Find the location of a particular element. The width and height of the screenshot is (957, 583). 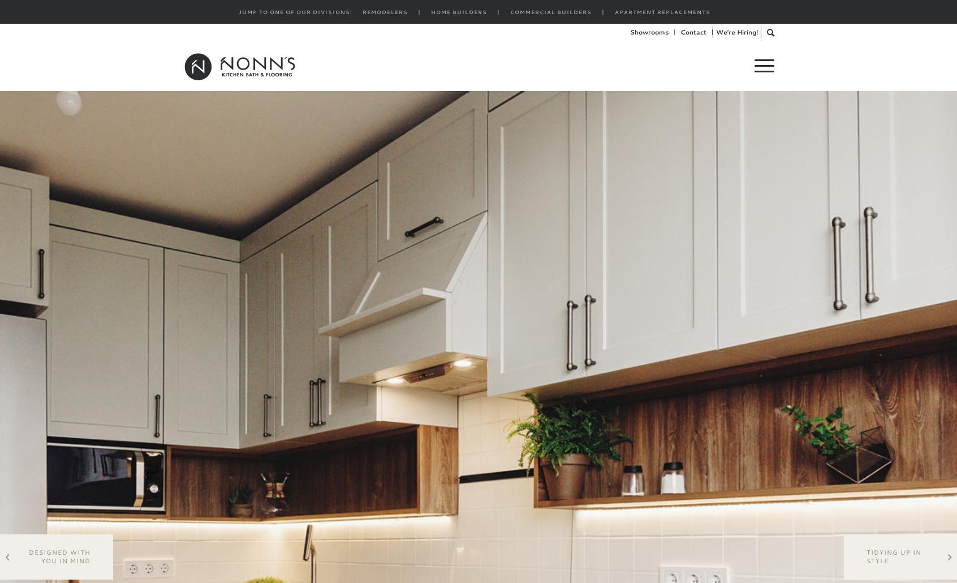

'Remodelers' is located at coordinates (385, 12).